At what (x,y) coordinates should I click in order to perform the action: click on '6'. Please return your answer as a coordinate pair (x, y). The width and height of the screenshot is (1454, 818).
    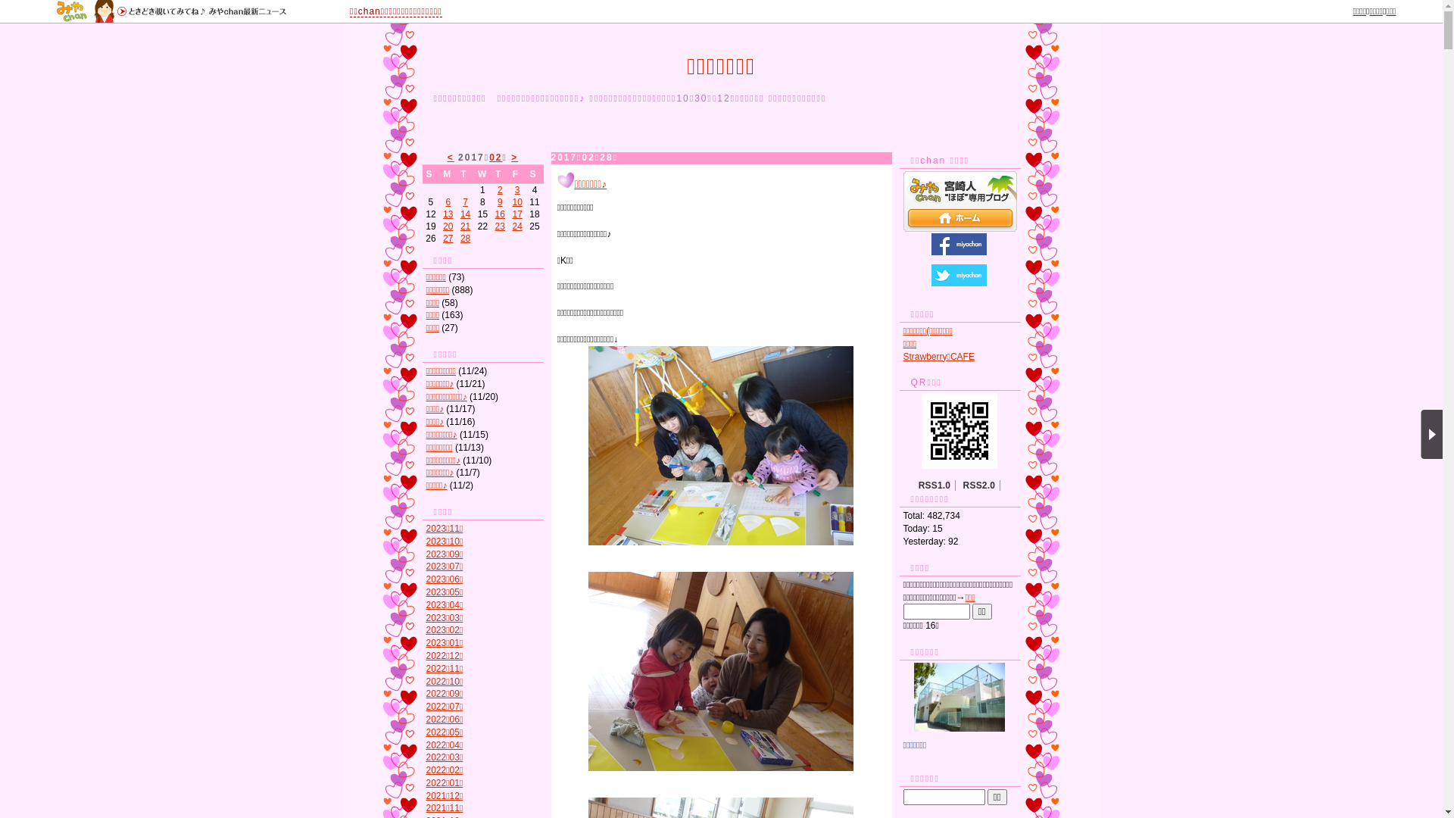
    Looking at the image, I should click on (447, 201).